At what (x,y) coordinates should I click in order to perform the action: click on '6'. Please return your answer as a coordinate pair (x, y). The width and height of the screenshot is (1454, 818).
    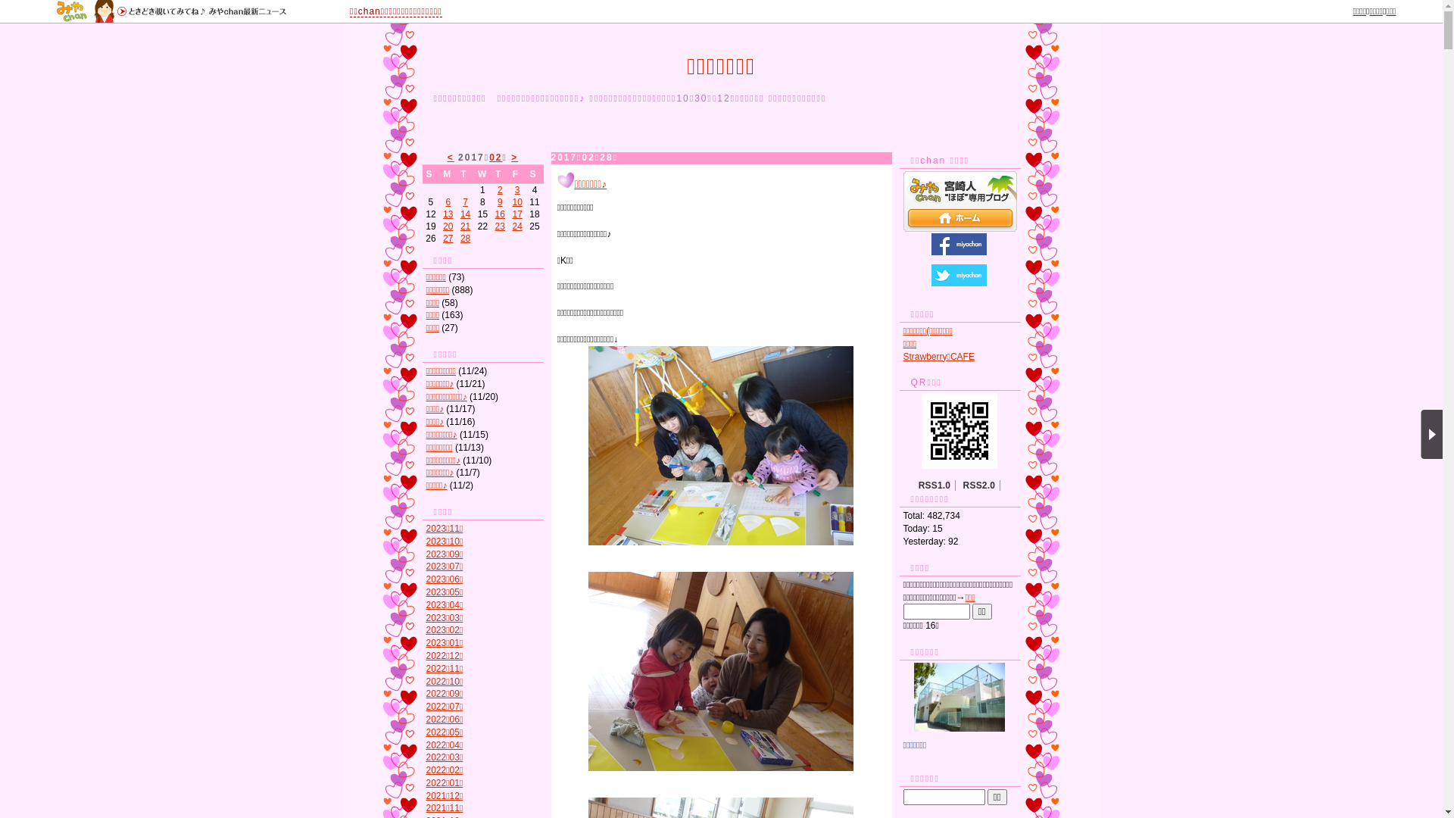
    Looking at the image, I should click on (447, 201).